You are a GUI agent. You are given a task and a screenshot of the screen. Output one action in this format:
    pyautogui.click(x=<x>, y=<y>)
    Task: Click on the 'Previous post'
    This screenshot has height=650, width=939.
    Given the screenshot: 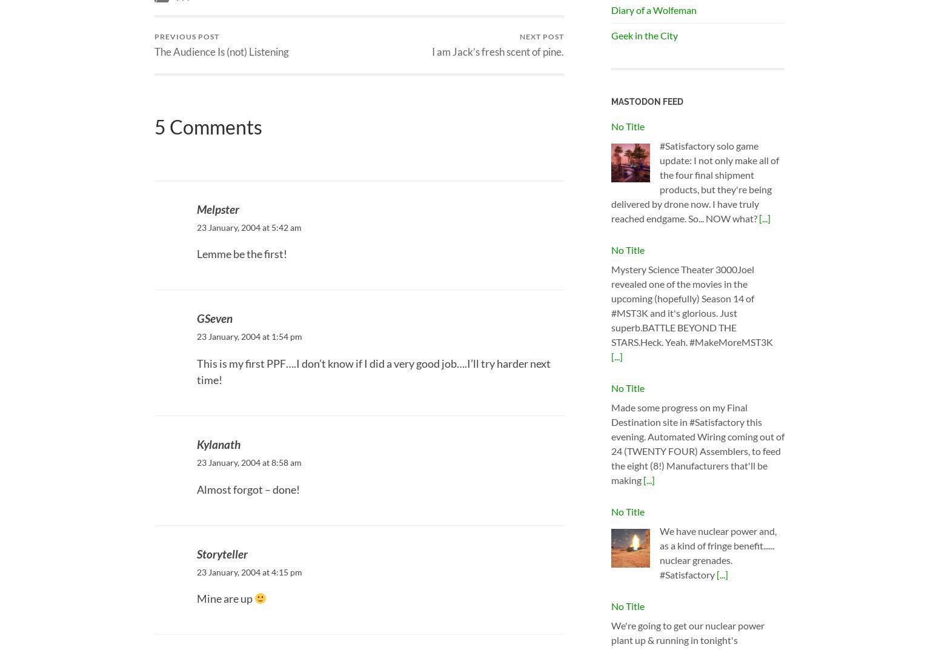 What is the action you would take?
    pyautogui.click(x=187, y=35)
    